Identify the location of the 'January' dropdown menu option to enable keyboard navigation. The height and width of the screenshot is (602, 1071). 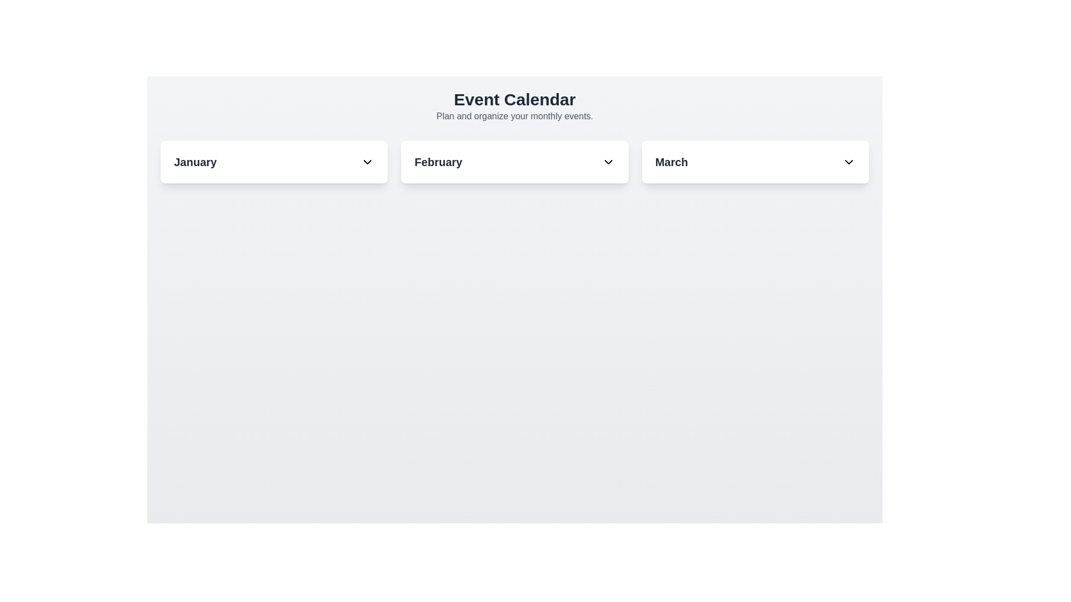
(274, 162).